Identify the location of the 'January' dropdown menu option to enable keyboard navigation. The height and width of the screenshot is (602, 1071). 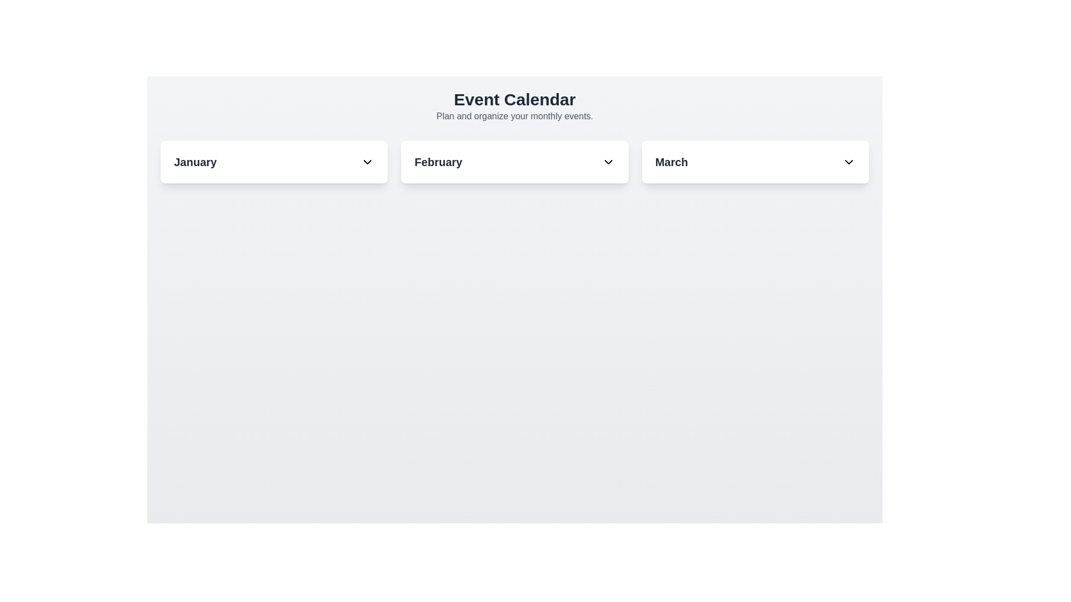
(274, 162).